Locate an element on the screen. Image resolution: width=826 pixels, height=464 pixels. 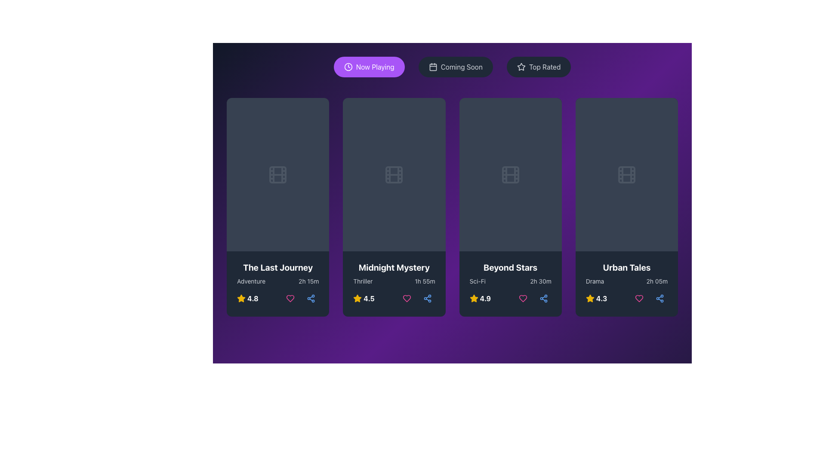
text displayed as '2h 05m', which is styled in a small font and is located to the right of the 'Drama' text within the movie card for 'Urban Tales' is located at coordinates (656, 281).